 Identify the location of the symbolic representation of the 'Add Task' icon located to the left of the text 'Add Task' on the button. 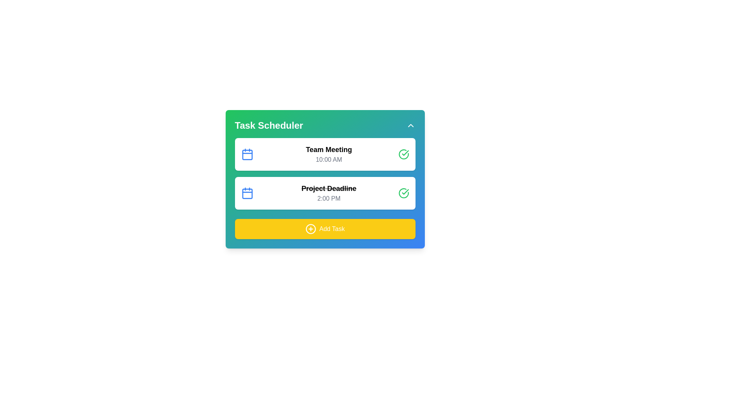
(310, 229).